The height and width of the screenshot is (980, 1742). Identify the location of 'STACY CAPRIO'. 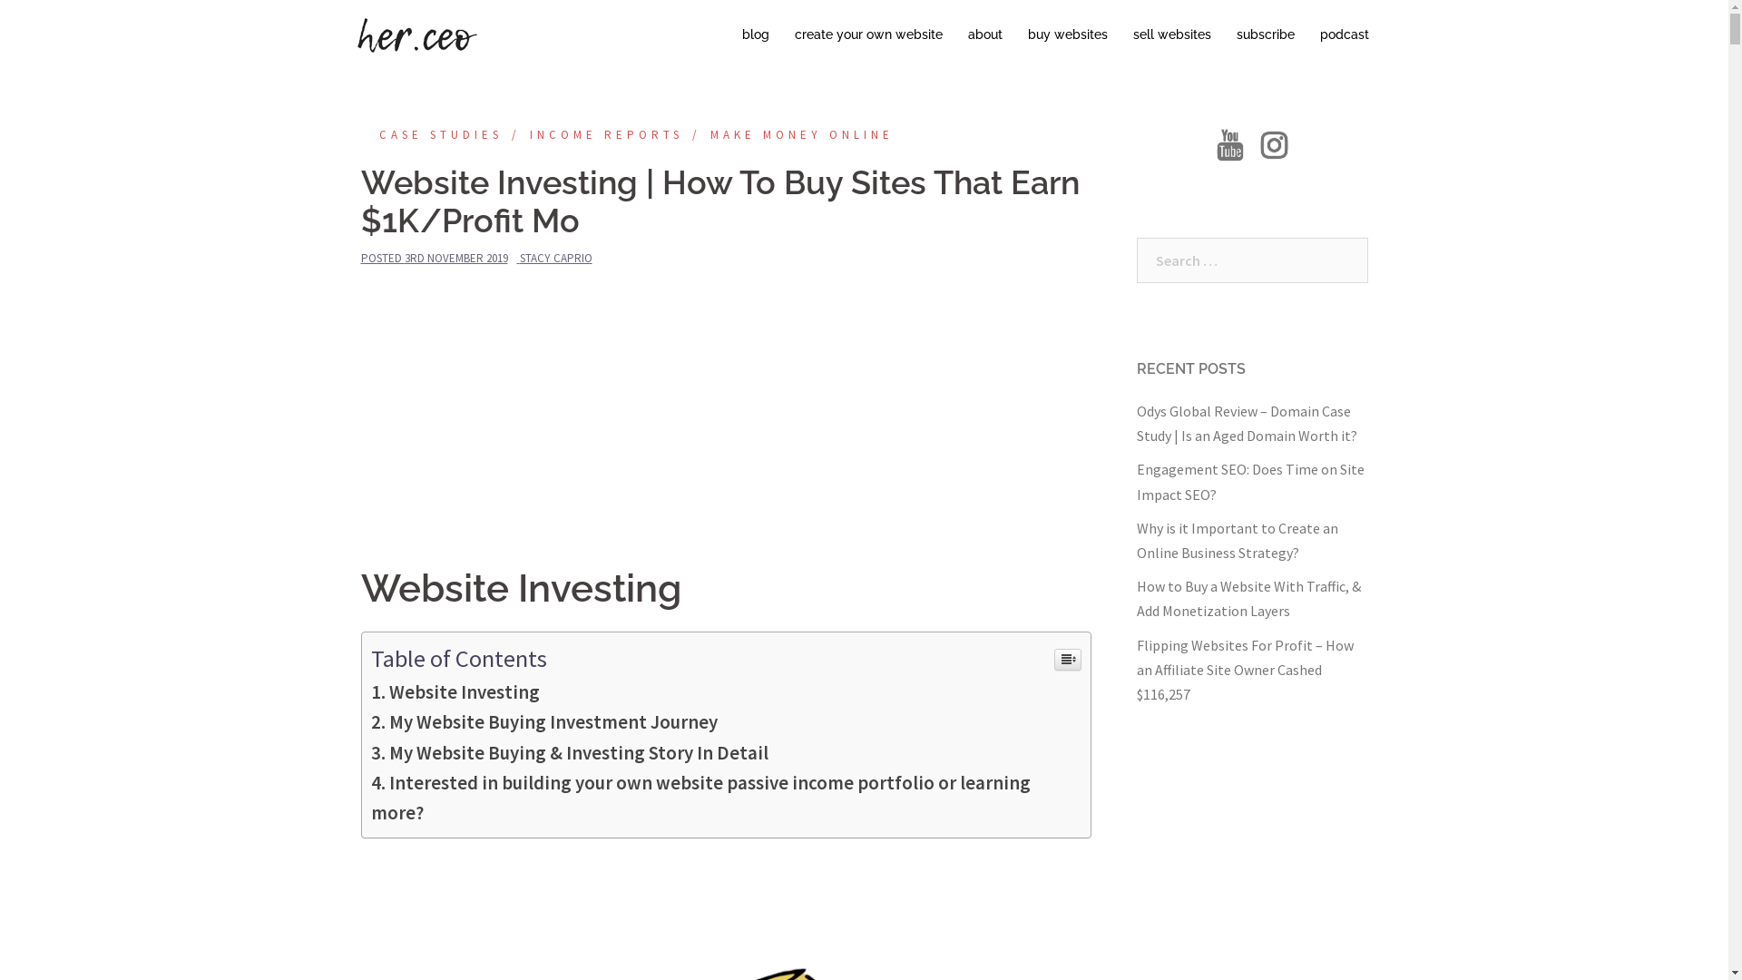
(517, 258).